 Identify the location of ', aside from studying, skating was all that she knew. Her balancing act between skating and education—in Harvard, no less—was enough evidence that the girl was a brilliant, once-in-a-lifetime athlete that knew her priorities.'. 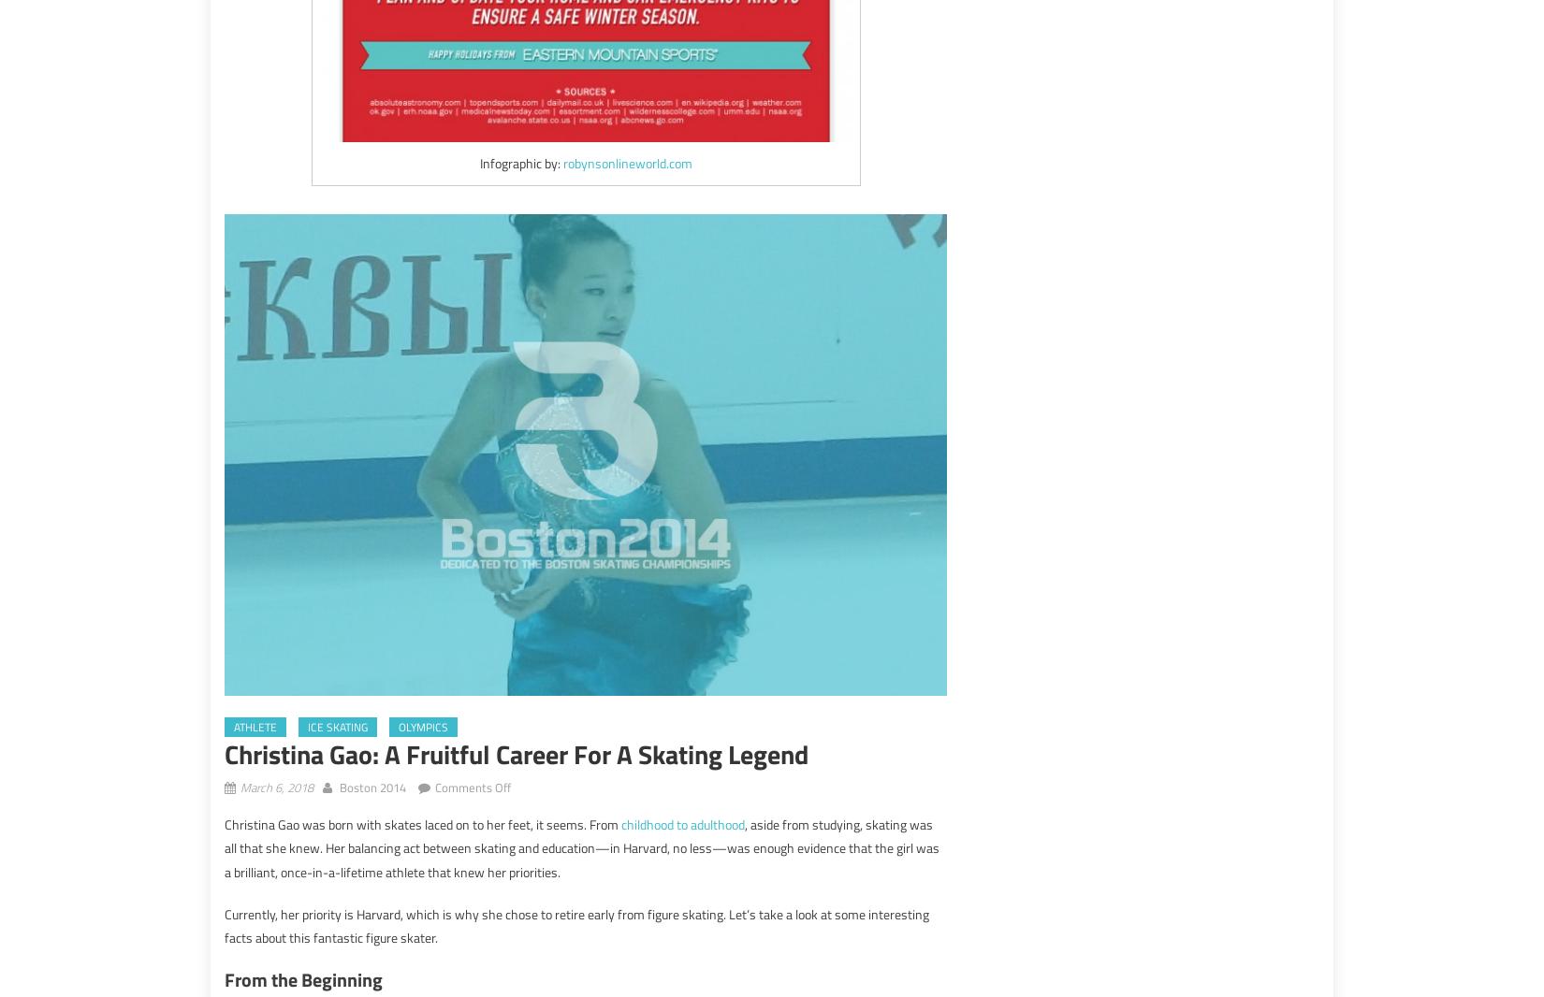
(581, 847).